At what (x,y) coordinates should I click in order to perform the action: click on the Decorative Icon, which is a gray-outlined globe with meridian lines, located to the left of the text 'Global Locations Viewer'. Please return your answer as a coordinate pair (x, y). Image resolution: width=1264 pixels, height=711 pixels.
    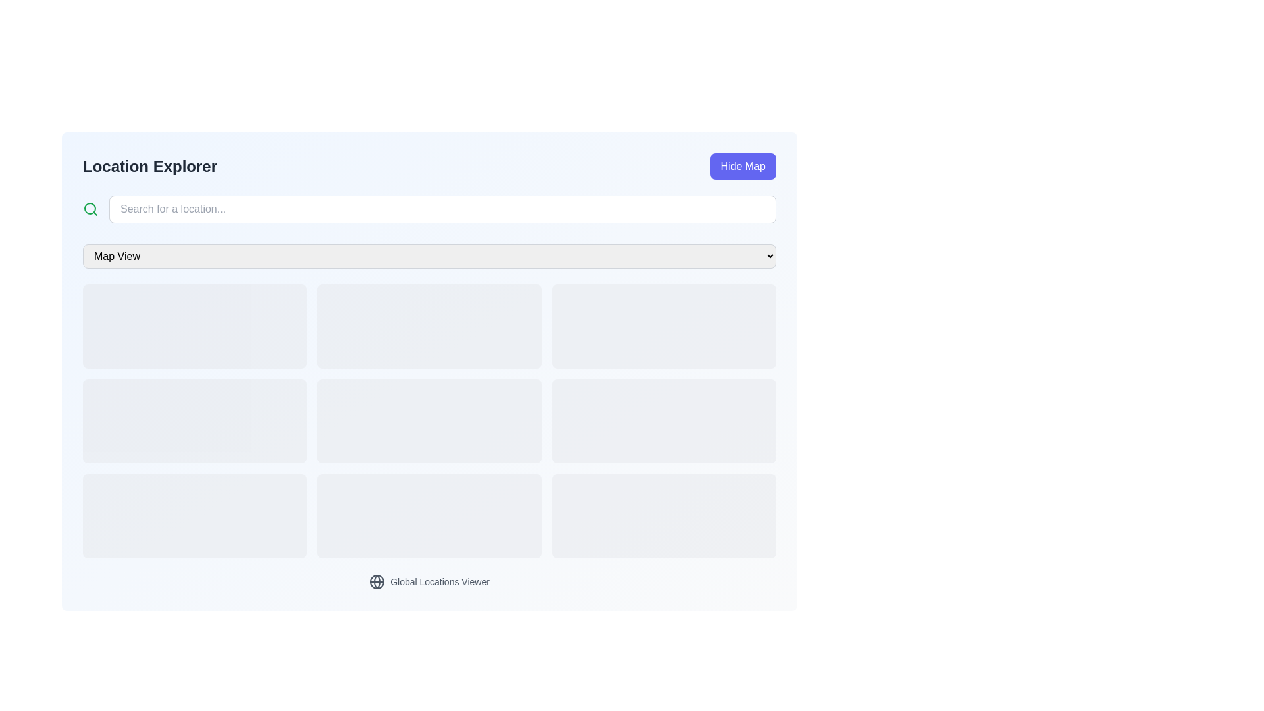
    Looking at the image, I should click on (377, 581).